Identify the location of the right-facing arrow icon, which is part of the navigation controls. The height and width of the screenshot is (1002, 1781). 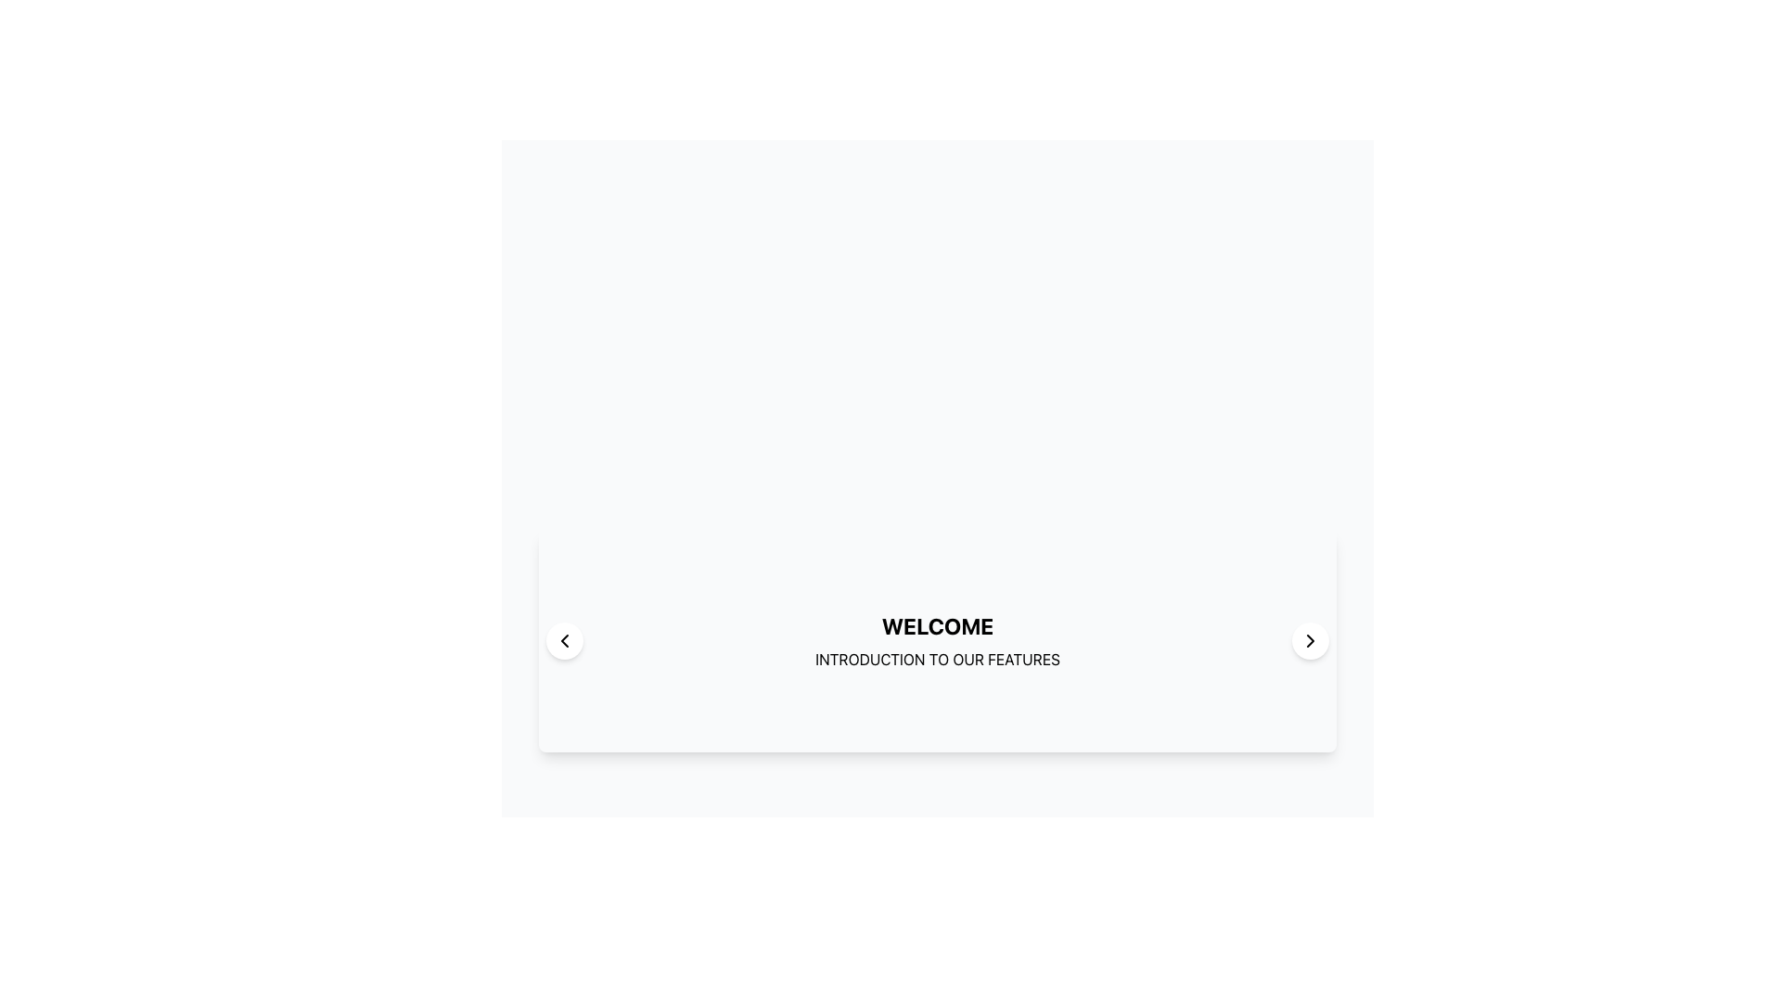
(1309, 639).